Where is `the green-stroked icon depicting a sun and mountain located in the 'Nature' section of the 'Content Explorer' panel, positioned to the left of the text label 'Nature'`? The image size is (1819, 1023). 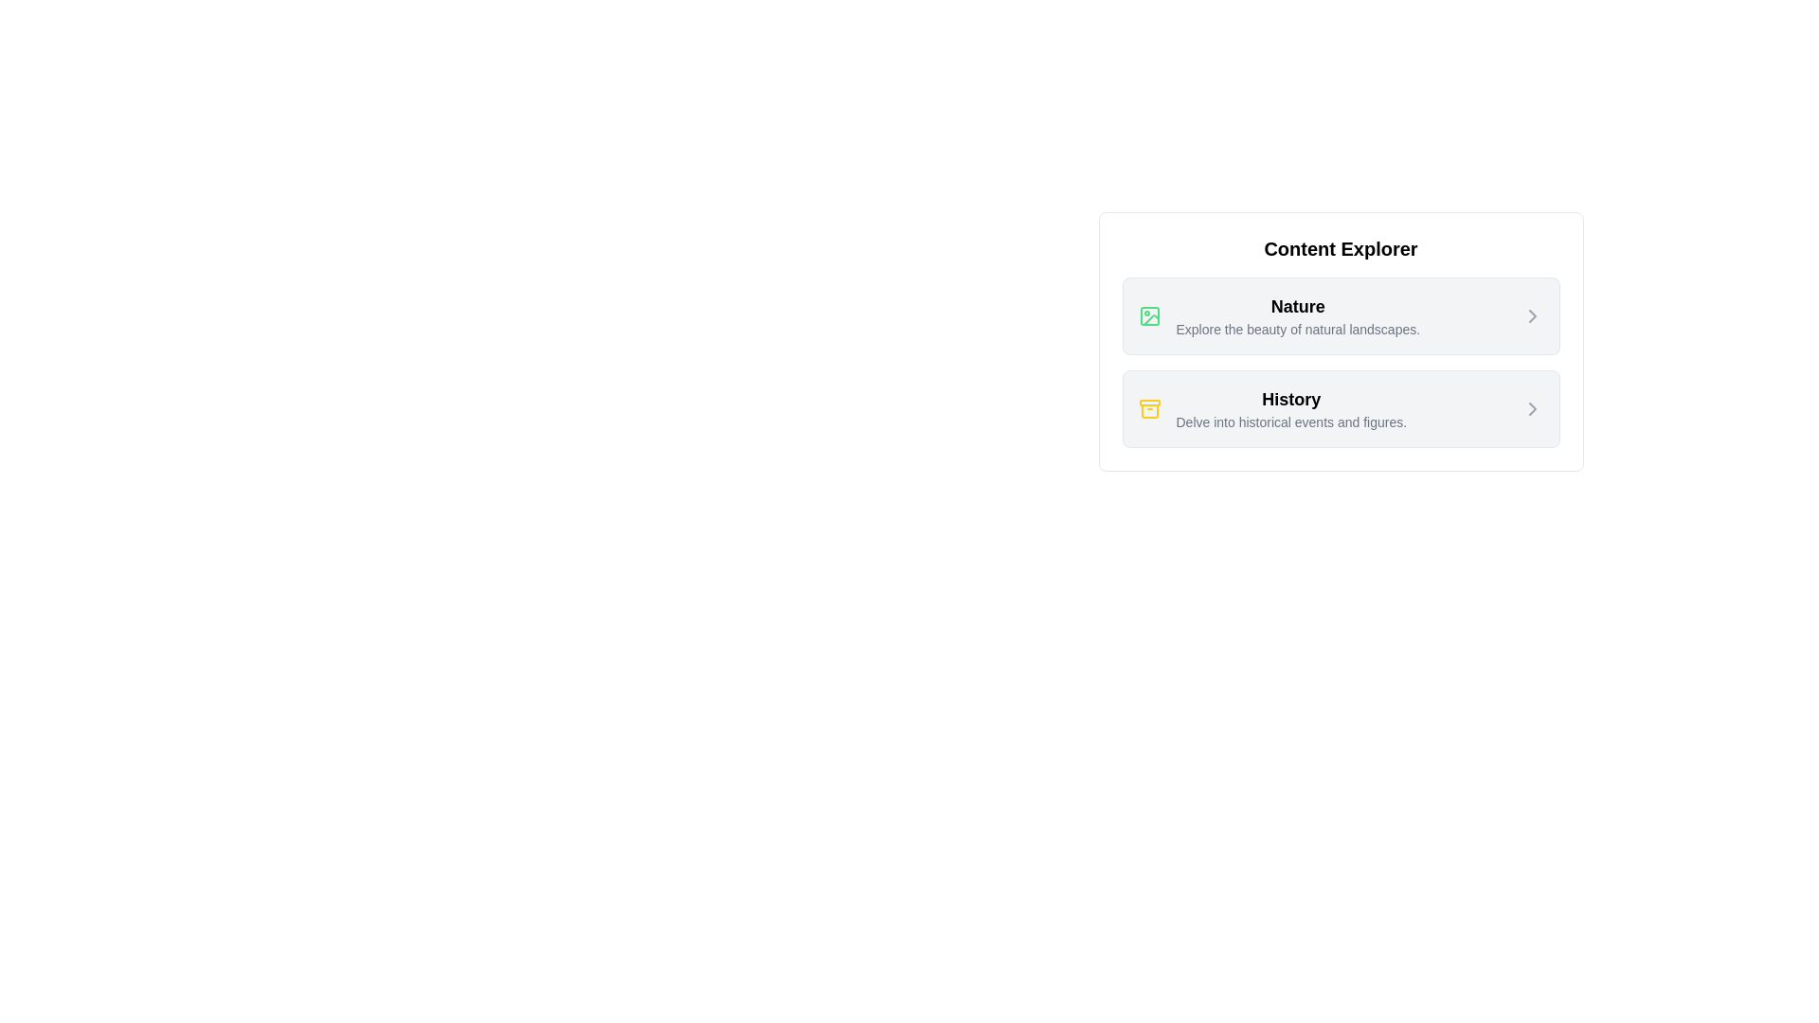 the green-stroked icon depicting a sun and mountain located in the 'Nature' section of the 'Content Explorer' panel, positioned to the left of the text label 'Nature' is located at coordinates (1148, 315).